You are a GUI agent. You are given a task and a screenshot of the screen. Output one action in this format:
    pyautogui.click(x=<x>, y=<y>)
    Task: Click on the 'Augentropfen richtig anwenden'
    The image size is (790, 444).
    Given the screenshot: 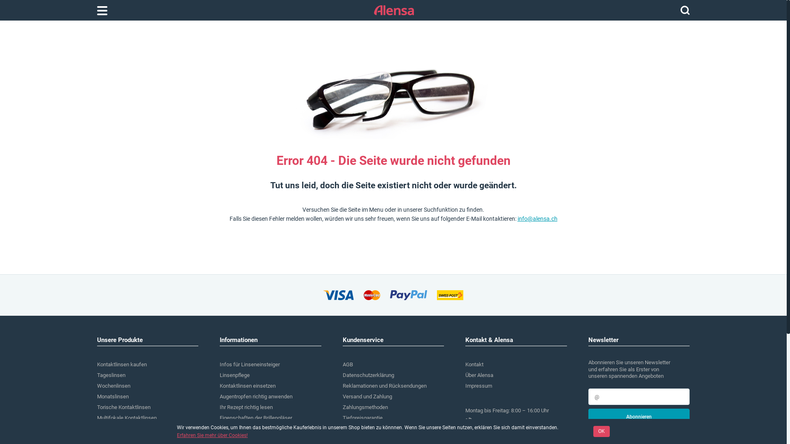 What is the action you would take?
    pyautogui.click(x=256, y=396)
    